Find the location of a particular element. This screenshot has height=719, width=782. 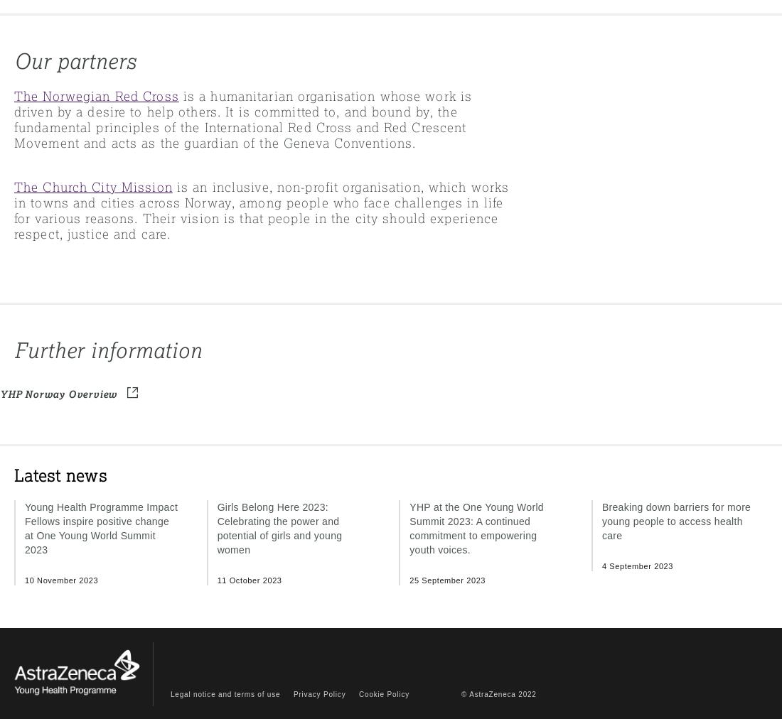

'© AstraZeneca 2022' is located at coordinates (498, 693).